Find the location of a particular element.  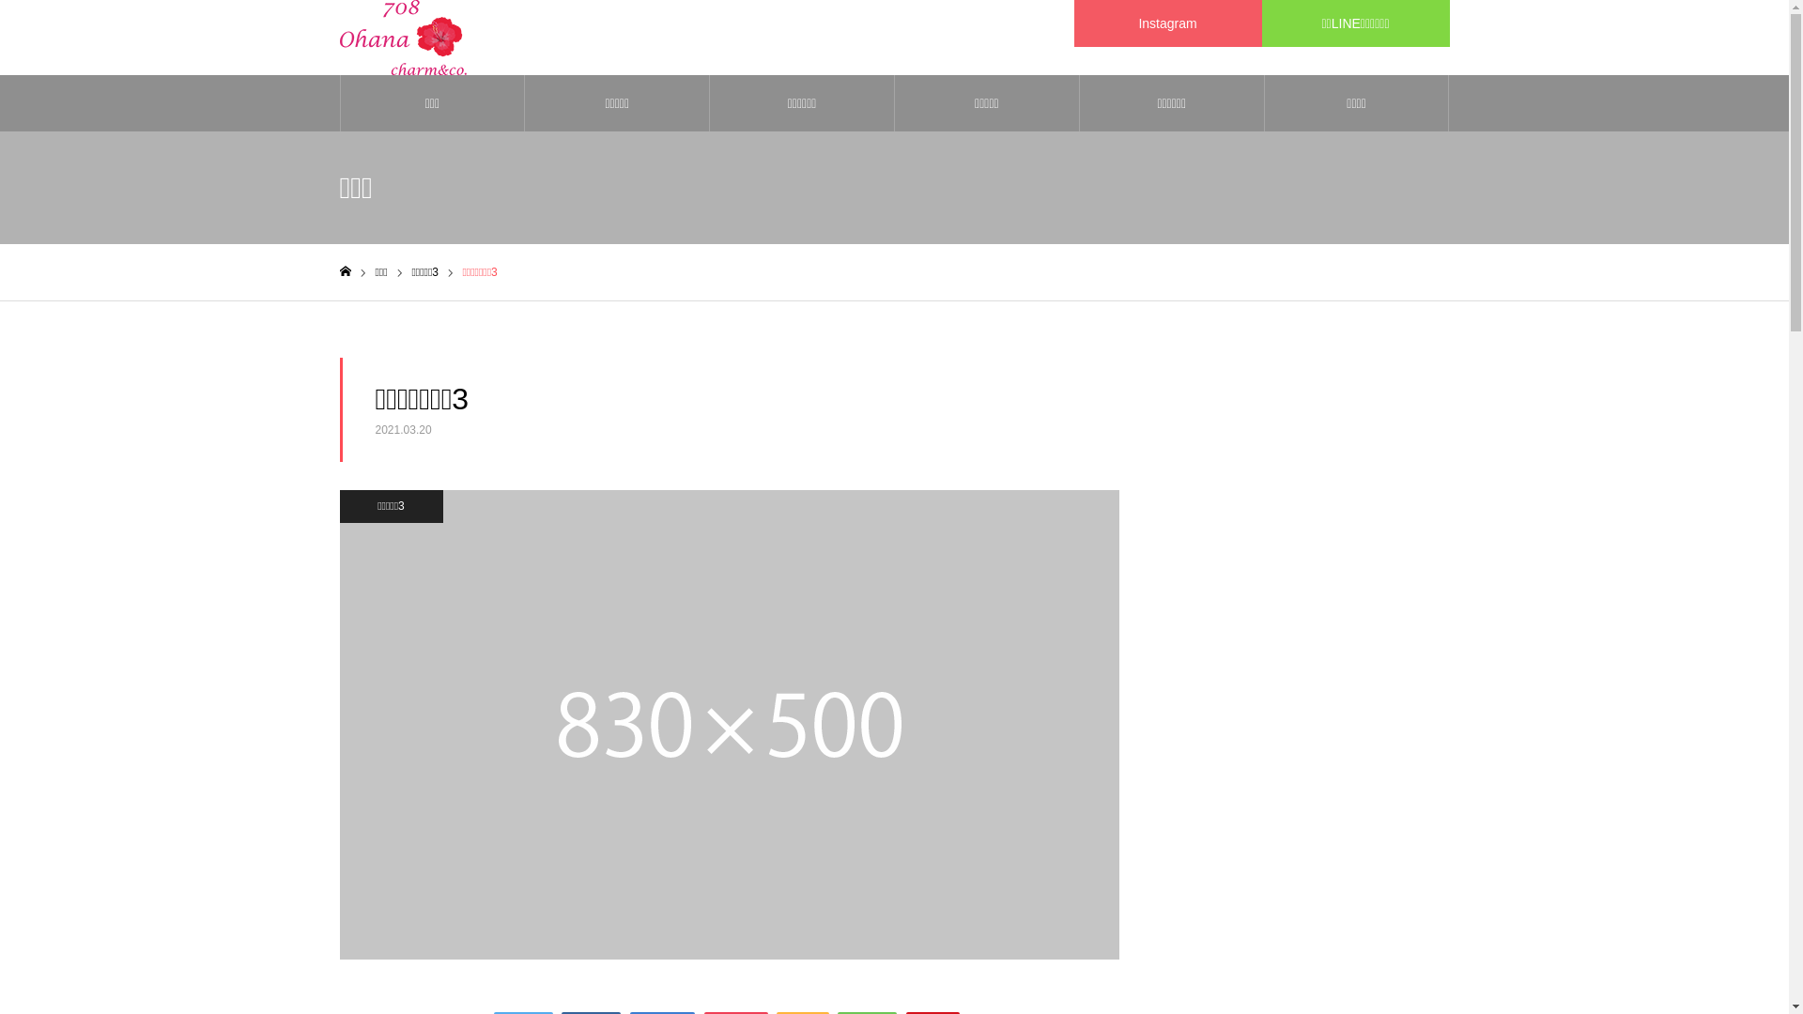

'Instagram' is located at coordinates (1166, 23).